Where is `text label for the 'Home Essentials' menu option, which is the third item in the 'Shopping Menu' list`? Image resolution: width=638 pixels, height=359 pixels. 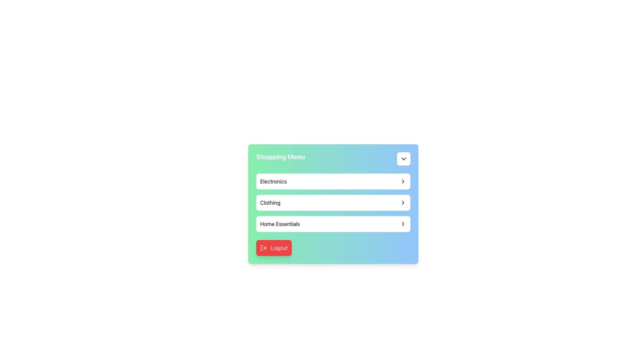
text label for the 'Home Essentials' menu option, which is the third item in the 'Shopping Menu' list is located at coordinates (280, 224).